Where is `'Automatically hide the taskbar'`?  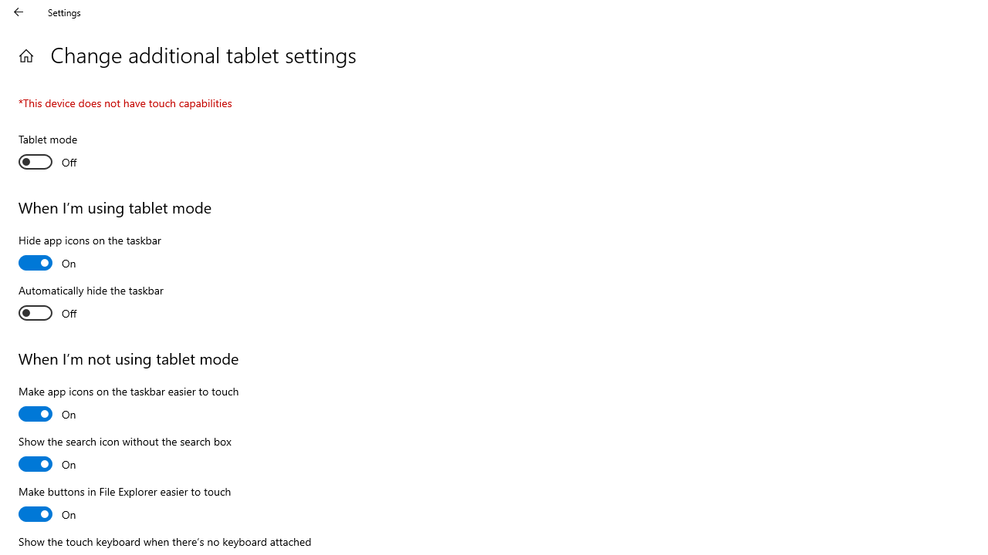
'Automatically hide the taskbar' is located at coordinates (90, 304).